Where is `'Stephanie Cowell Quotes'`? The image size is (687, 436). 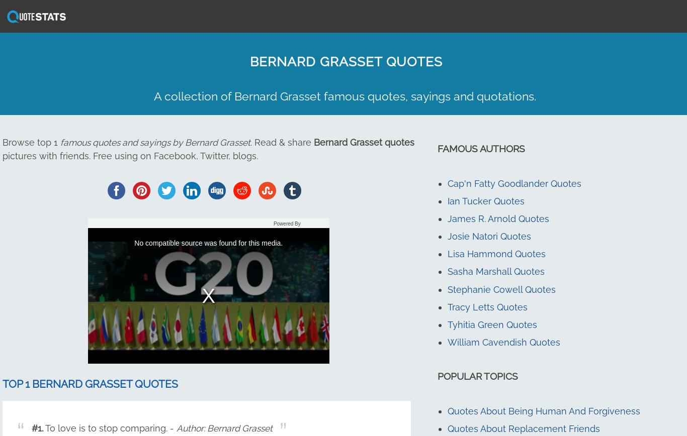
'Stephanie Cowell Quotes' is located at coordinates (446, 289).